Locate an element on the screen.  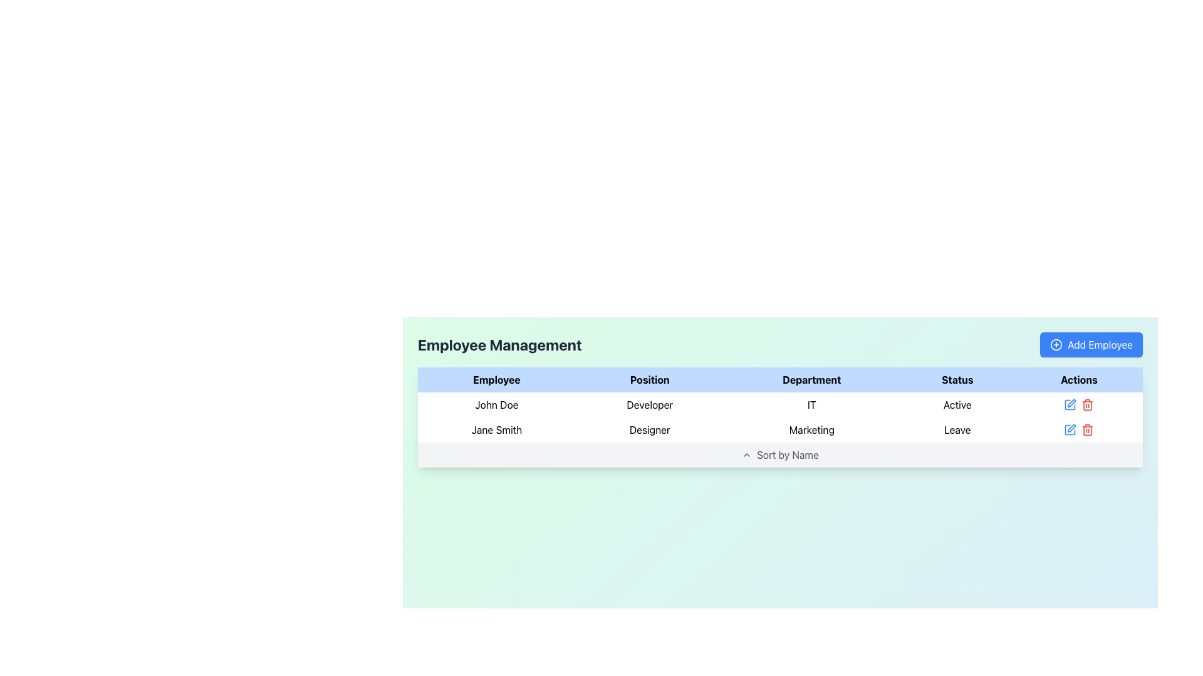
the text label reading 'Employee Management' which is located at the top of the interface, above the employee details table is located at coordinates (499, 345).